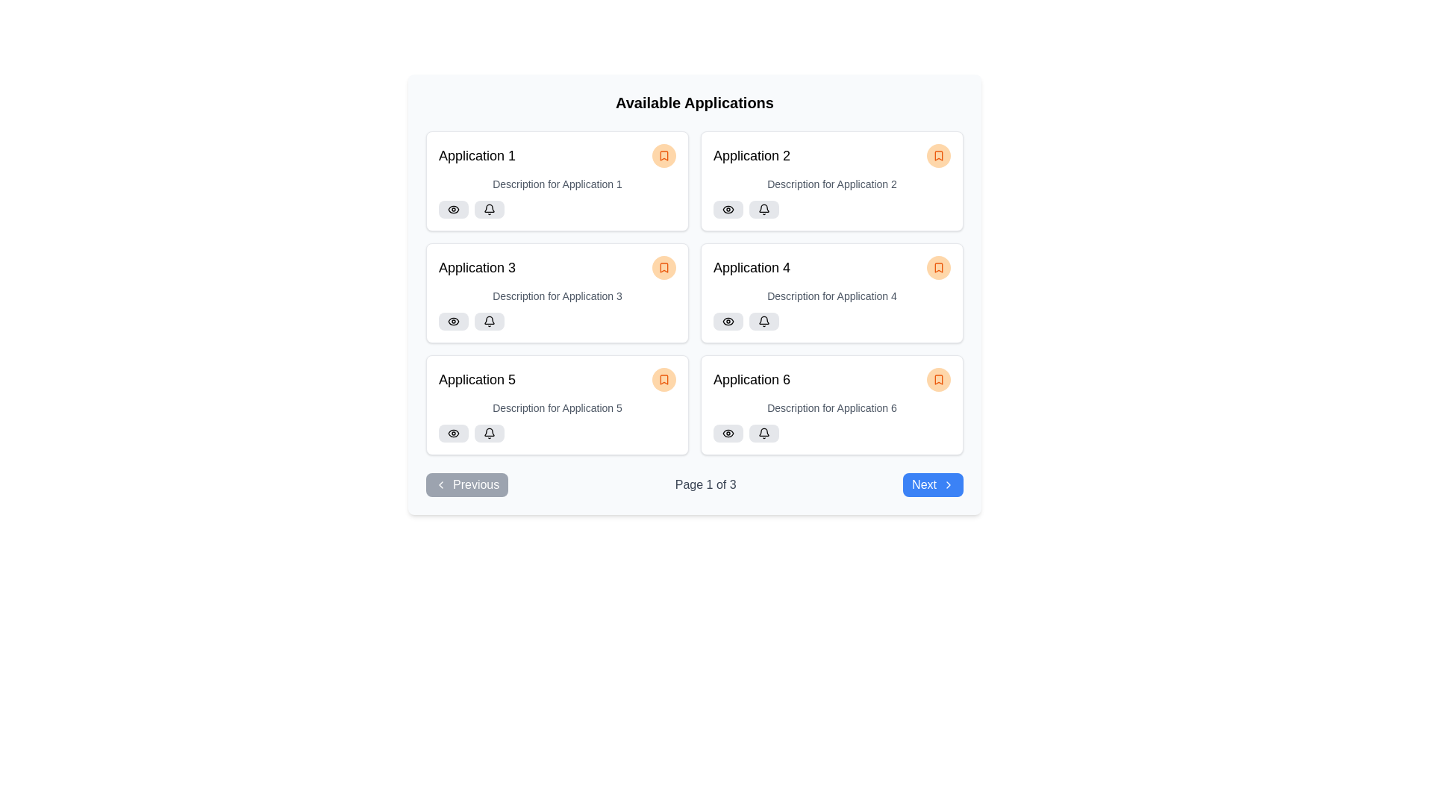 Image resolution: width=1433 pixels, height=806 pixels. I want to click on the first button in the row for 'Application 3' to observe the hover effect, so click(453, 321).